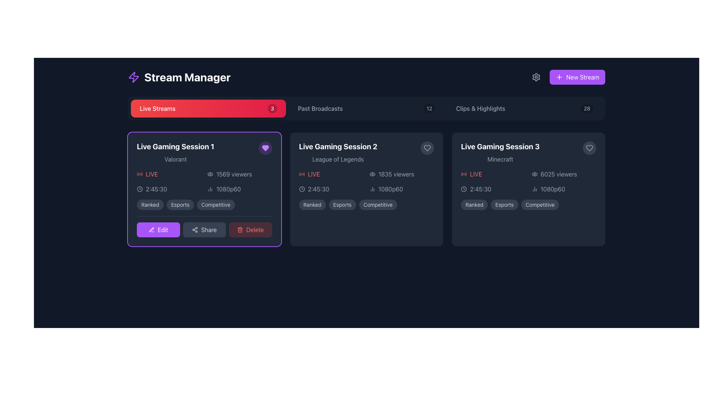 The height and width of the screenshot is (403, 716). Describe the element at coordinates (175, 147) in the screenshot. I see `title of the text label displaying 'Live Gaming Session 1', which is prominently styled in large, bold, white font at the top of the first session card` at that location.